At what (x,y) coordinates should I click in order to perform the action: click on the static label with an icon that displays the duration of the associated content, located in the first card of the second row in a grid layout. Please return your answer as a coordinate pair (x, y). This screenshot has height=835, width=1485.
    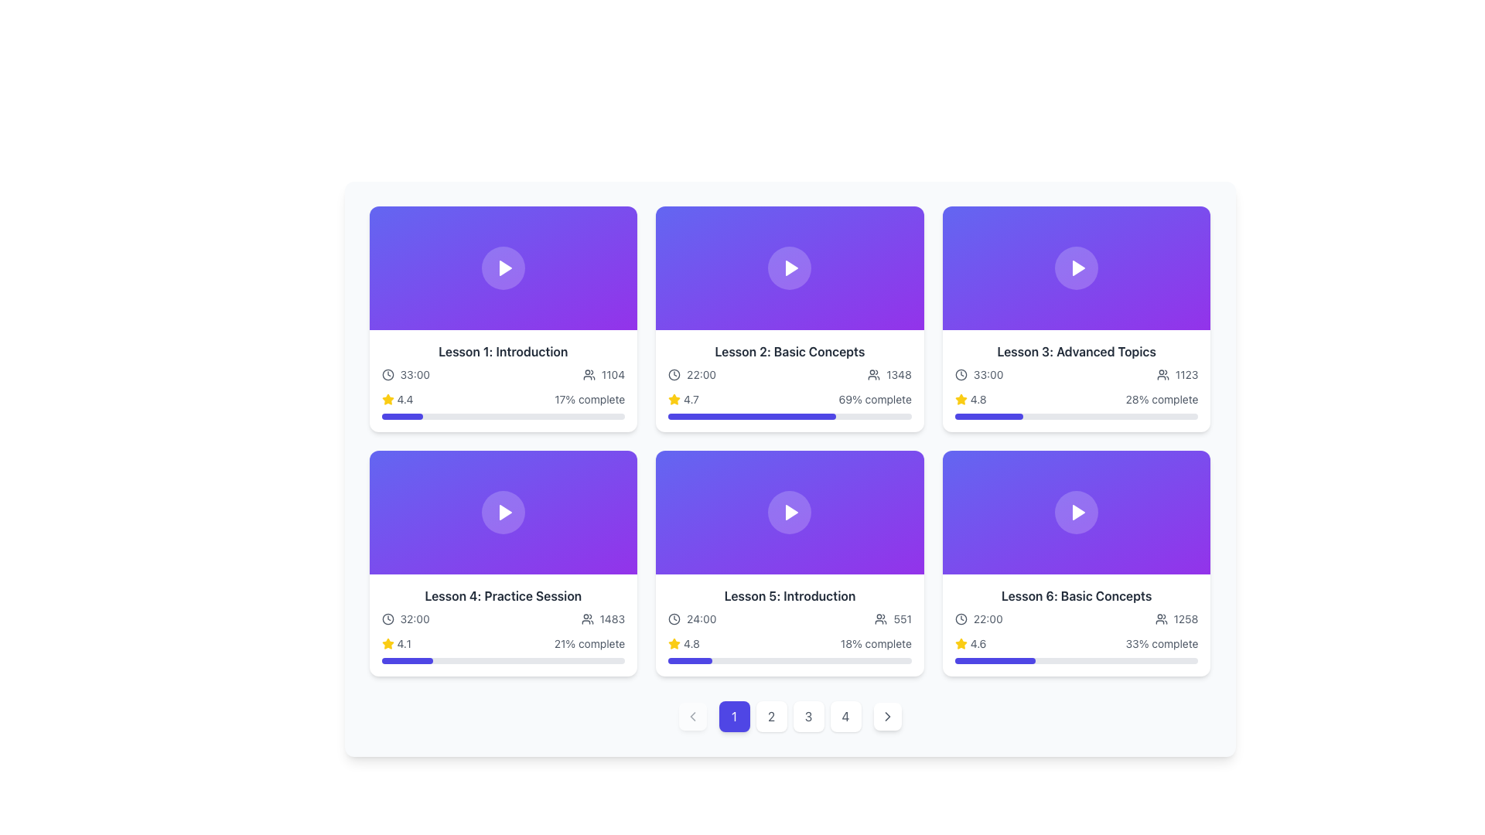
    Looking at the image, I should click on (405, 375).